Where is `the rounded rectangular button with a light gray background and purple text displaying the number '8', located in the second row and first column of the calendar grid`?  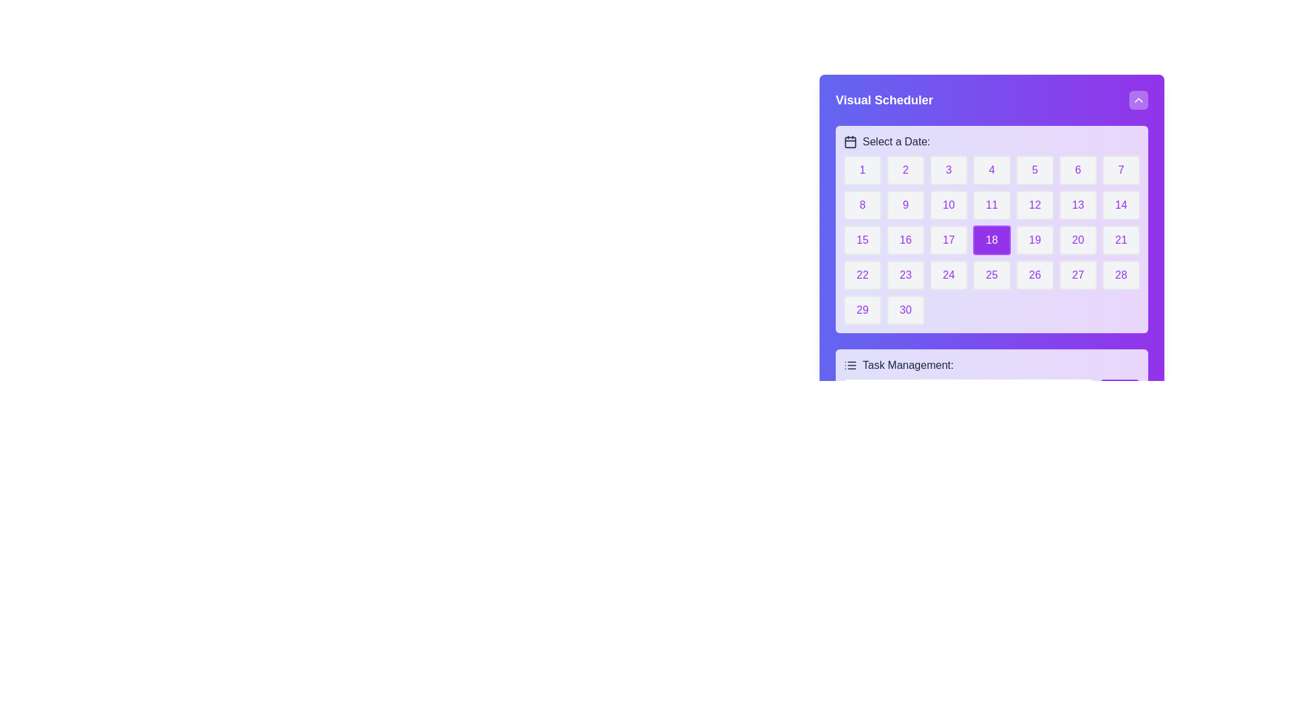 the rounded rectangular button with a light gray background and purple text displaying the number '8', located in the second row and first column of the calendar grid is located at coordinates (863, 205).